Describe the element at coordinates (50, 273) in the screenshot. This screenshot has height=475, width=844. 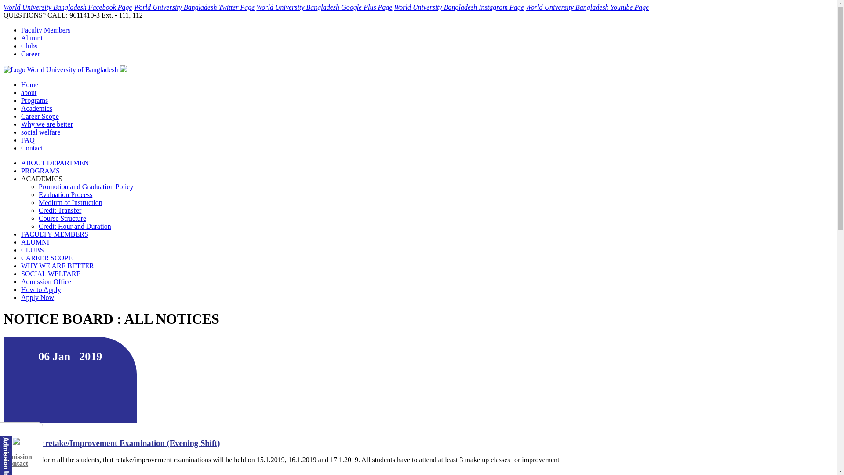
I see `'SOCIAL WELFARE'` at that location.